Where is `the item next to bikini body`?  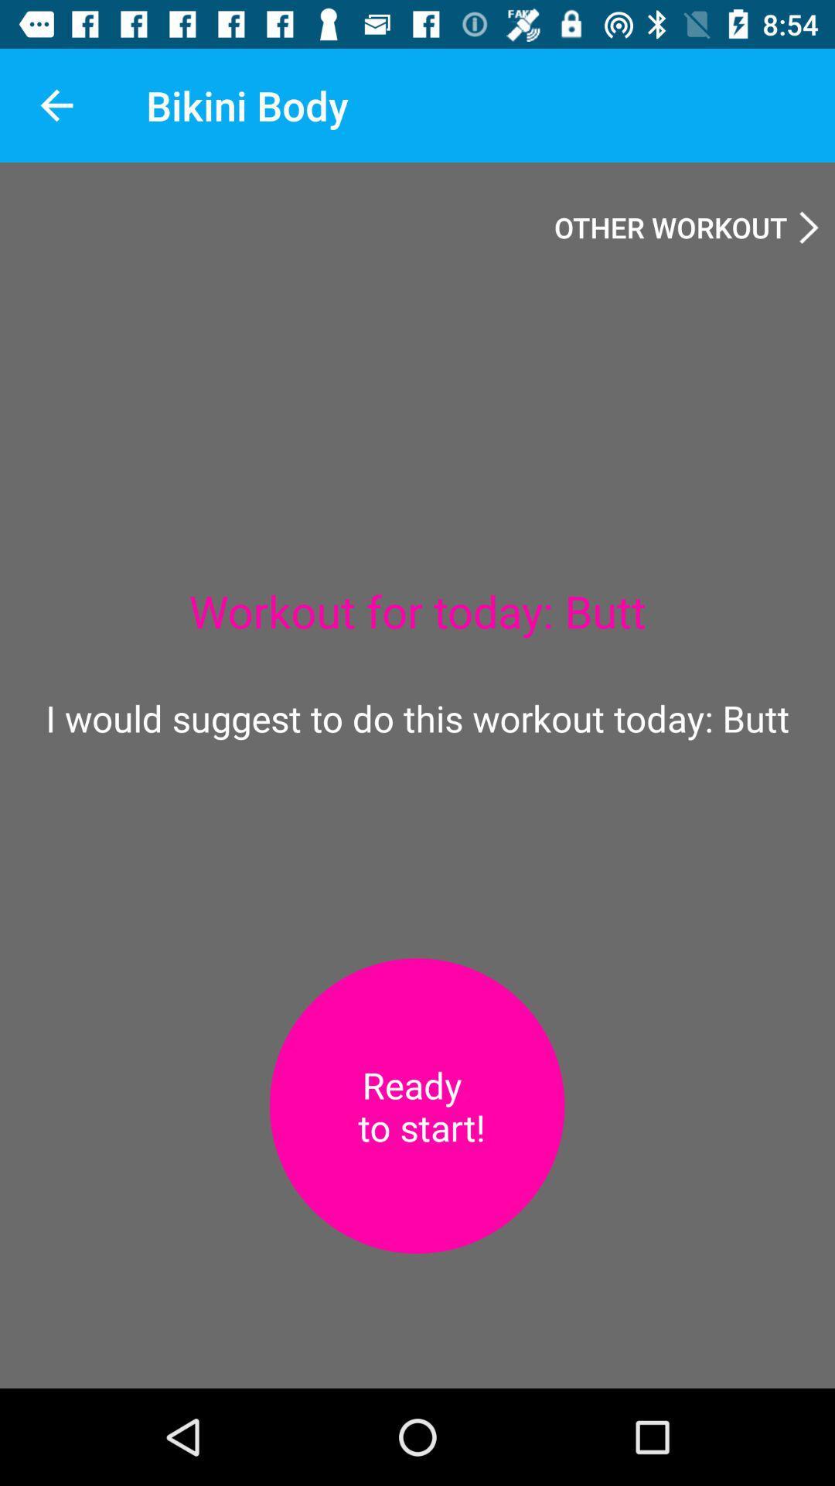 the item next to bikini body is located at coordinates (56, 104).